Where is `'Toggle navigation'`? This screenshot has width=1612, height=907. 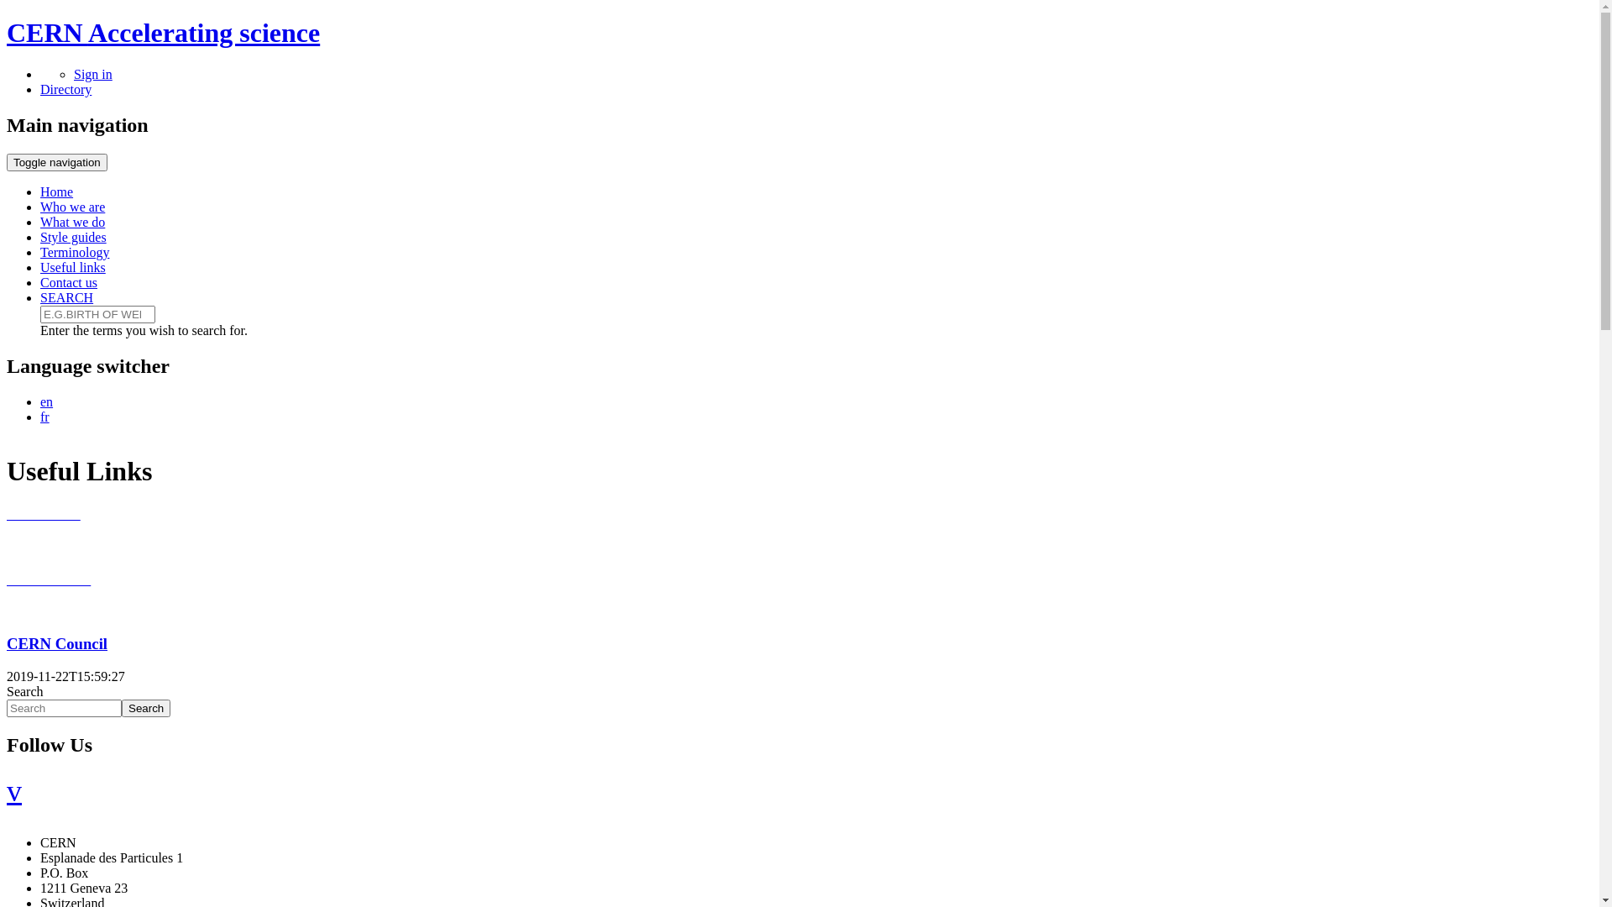
'Toggle navigation' is located at coordinates (7, 162).